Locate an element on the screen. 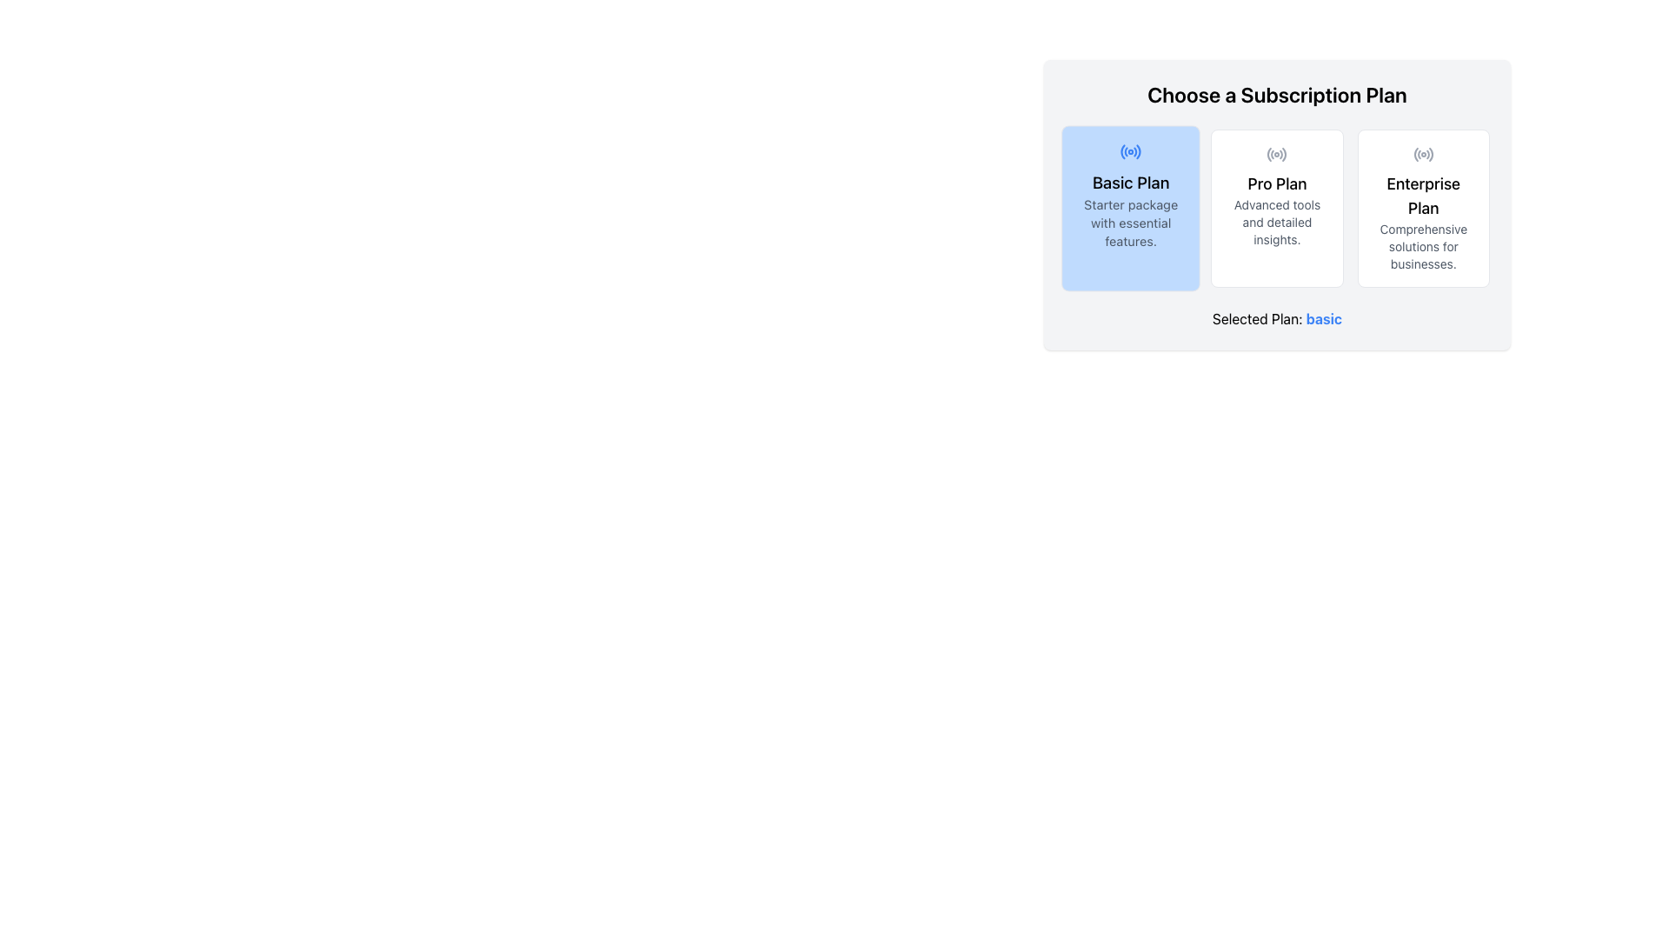 Image resolution: width=1669 pixels, height=939 pixels. the 'Enterprise Plan' card, which is the third card in a horizontal layout, to possibly highlight or provide additional information is located at coordinates (1423, 207).